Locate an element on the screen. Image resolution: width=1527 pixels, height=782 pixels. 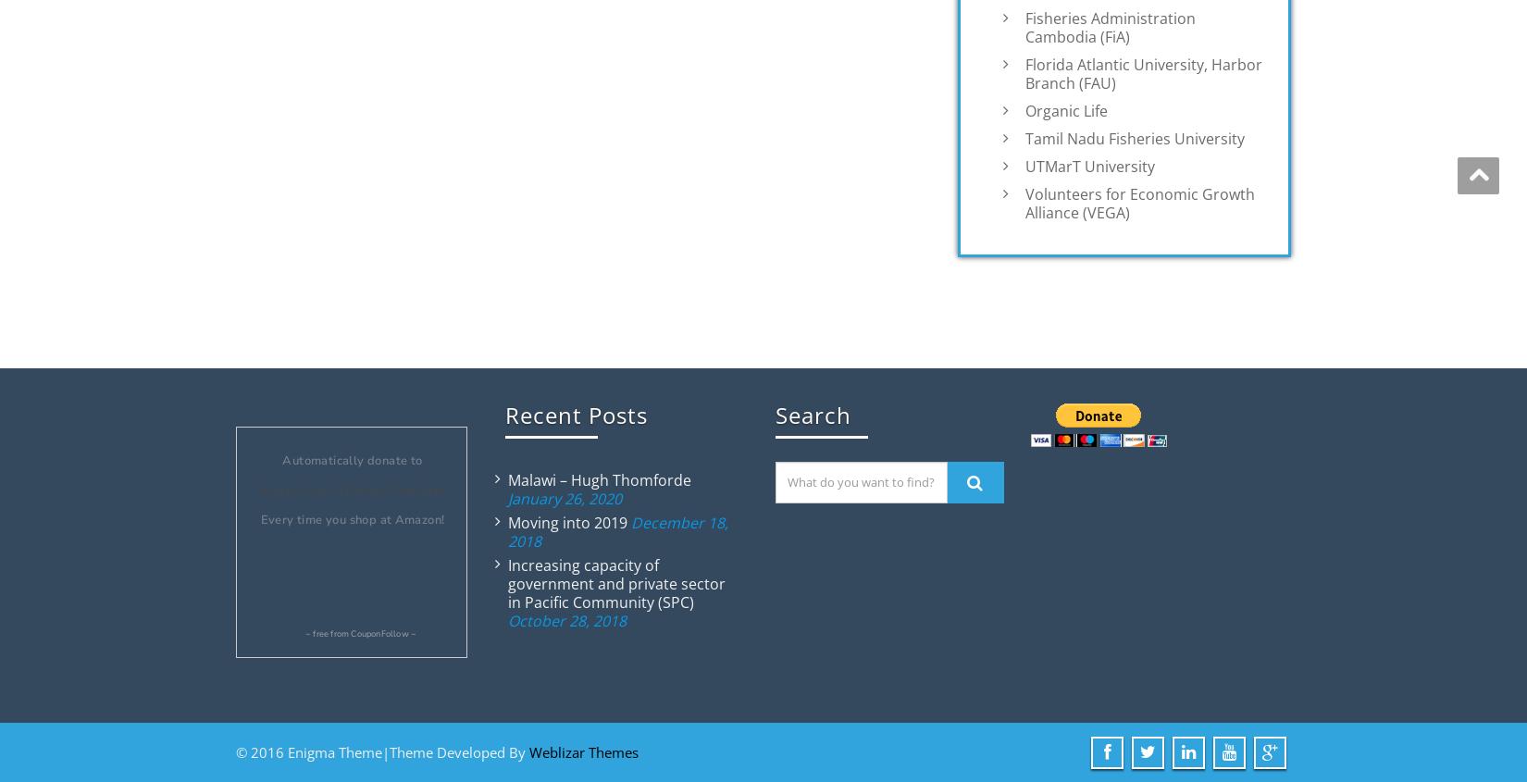
'Aquaculture Without Frontiers' is located at coordinates (352, 488).